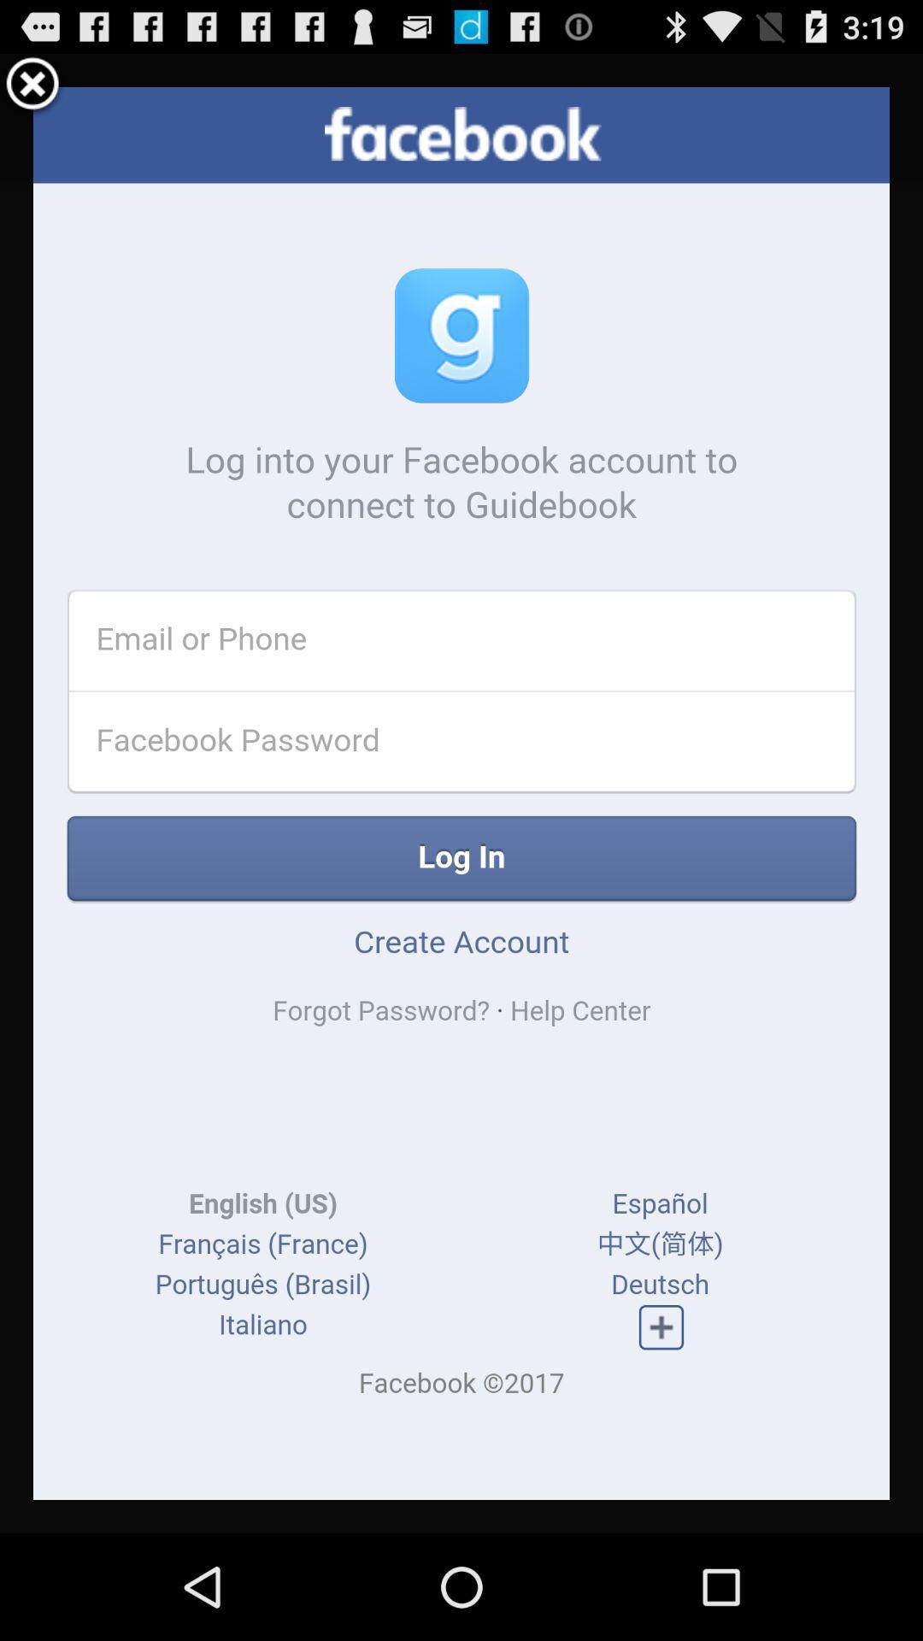  Describe the element at coordinates (461, 792) in the screenshot. I see `description` at that location.